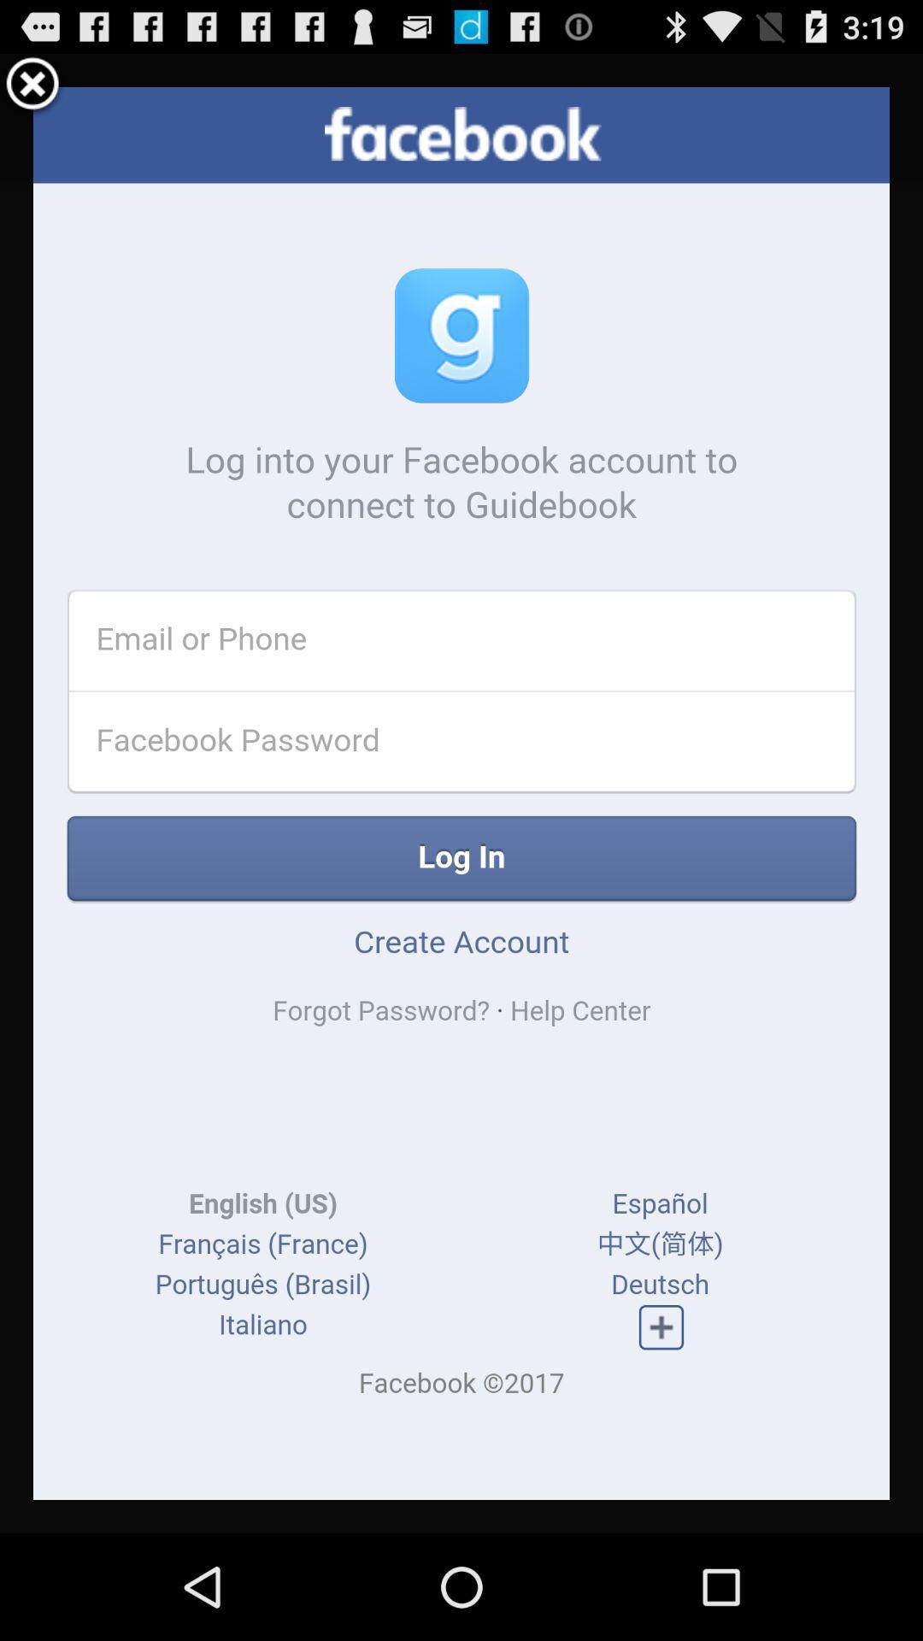  Describe the element at coordinates (461, 792) in the screenshot. I see `description` at that location.